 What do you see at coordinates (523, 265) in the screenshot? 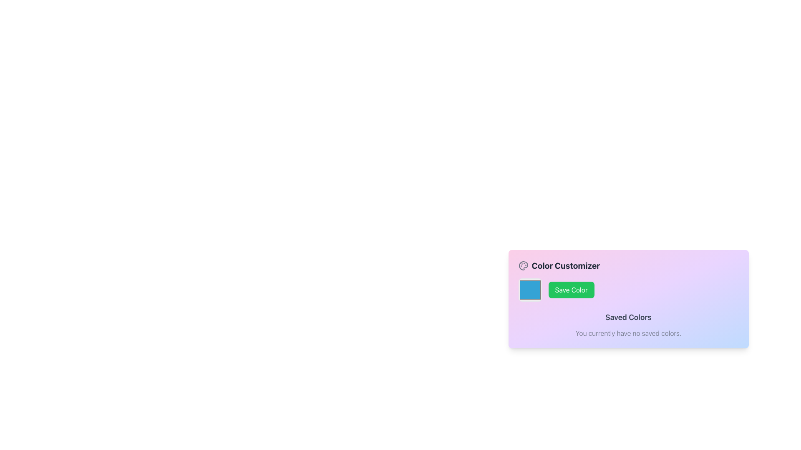
I see `the ornamental icon representing the 'Color Customizer' feature, which is located at the beginning of the sibling elements and closely aligned with the header text` at bounding box center [523, 265].